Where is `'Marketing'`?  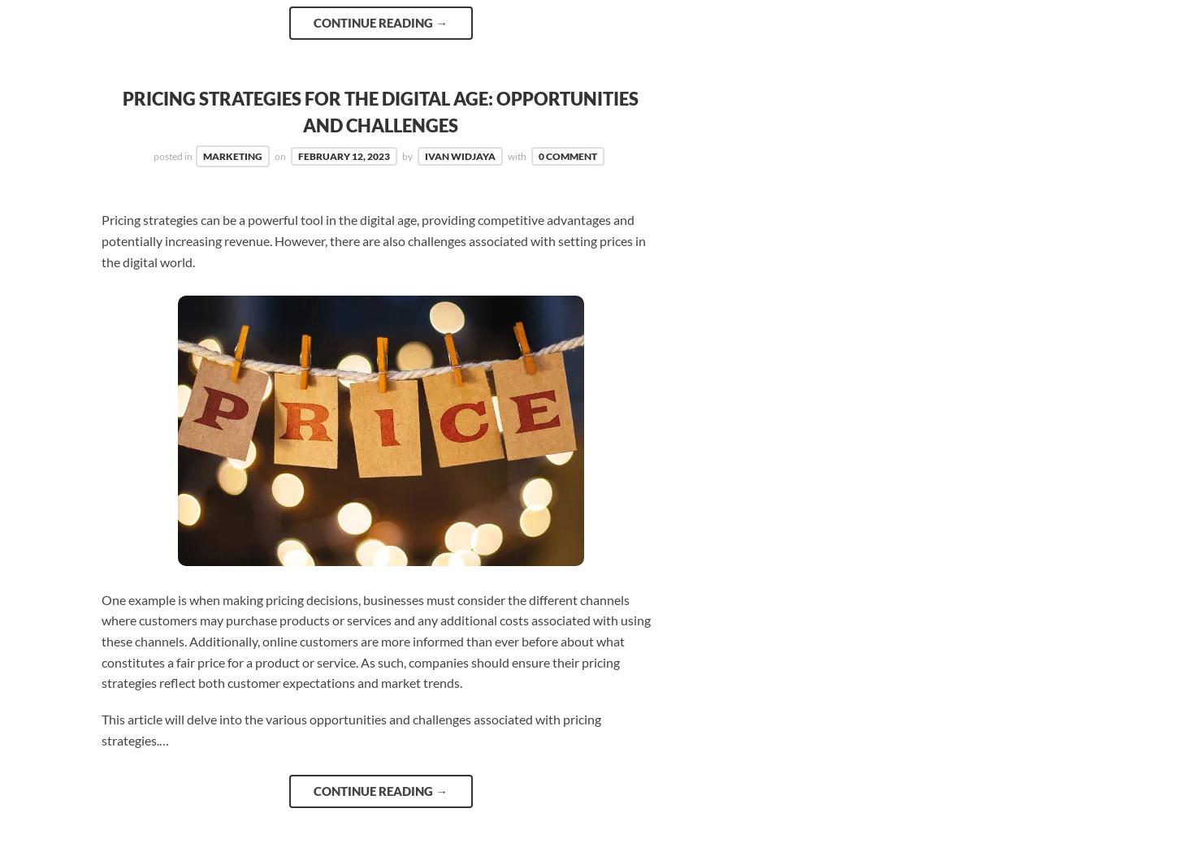
'Marketing' is located at coordinates (232, 155).